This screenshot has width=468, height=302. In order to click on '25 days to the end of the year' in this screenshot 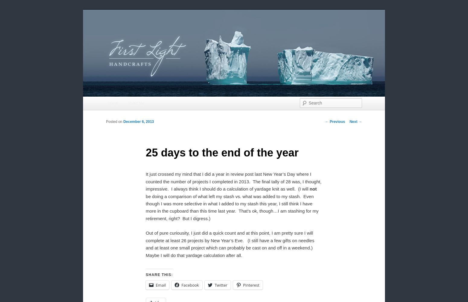, I will do `click(222, 153)`.